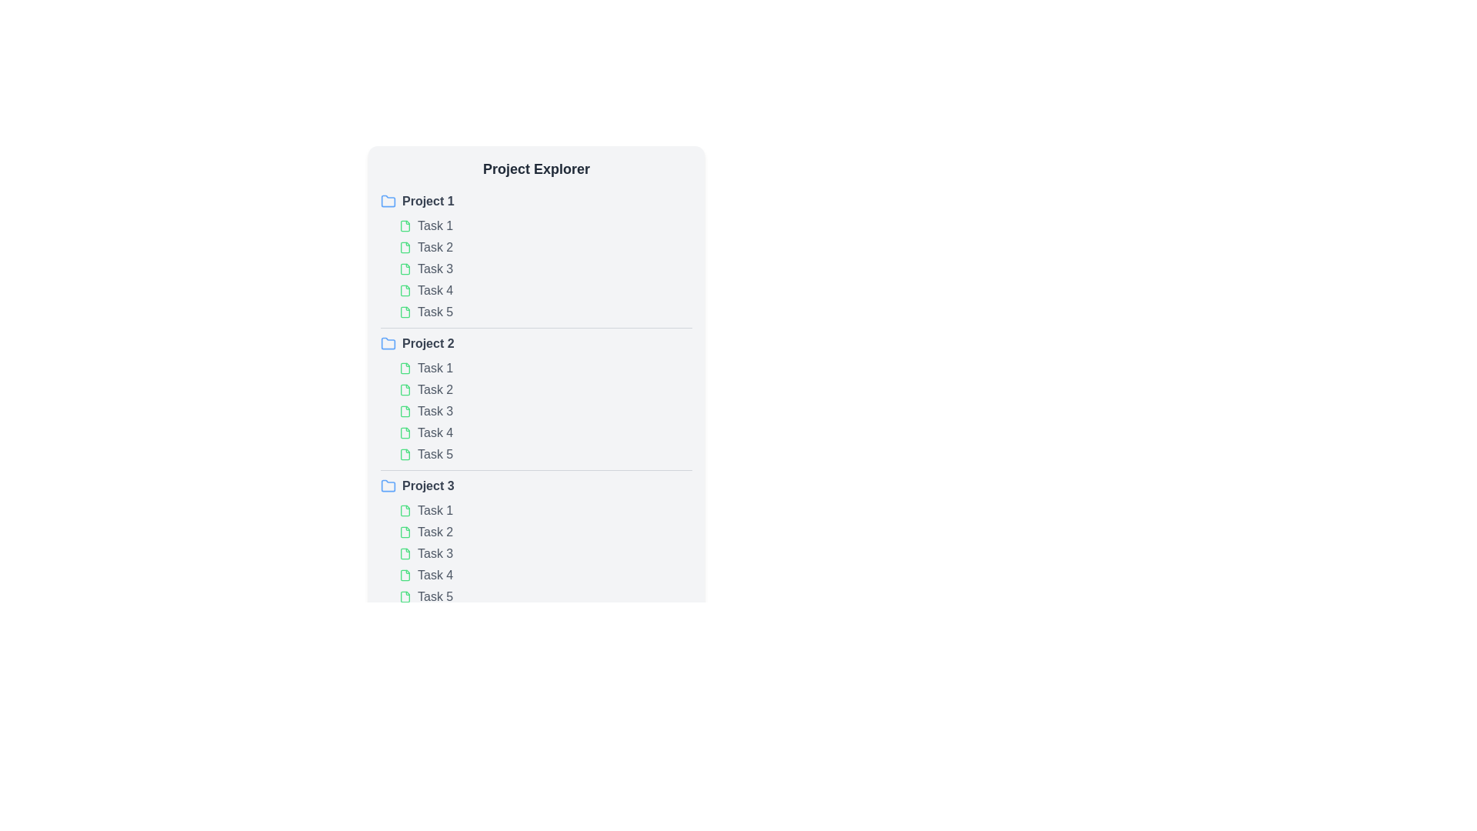 The width and height of the screenshot is (1477, 831). Describe the element at coordinates (405, 291) in the screenshot. I see `the green file icon located to the left of the text 'Task 4' in the 'Project 1' section of the 'Project Explorer' list` at that location.